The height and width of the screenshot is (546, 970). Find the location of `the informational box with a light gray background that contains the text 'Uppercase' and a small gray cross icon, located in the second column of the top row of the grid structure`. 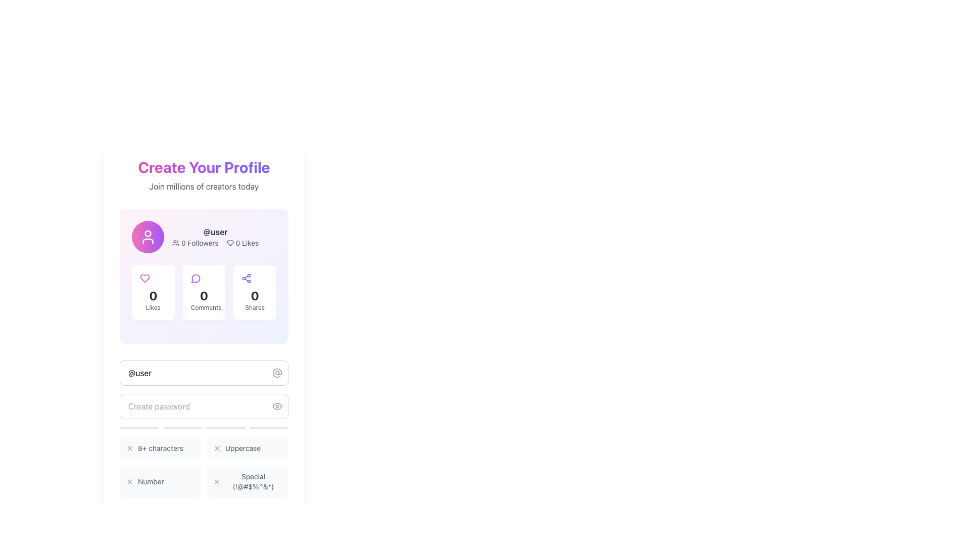

the informational box with a light gray background that contains the text 'Uppercase' and a small gray cross icon, located in the second column of the top row of the grid structure is located at coordinates (248, 448).